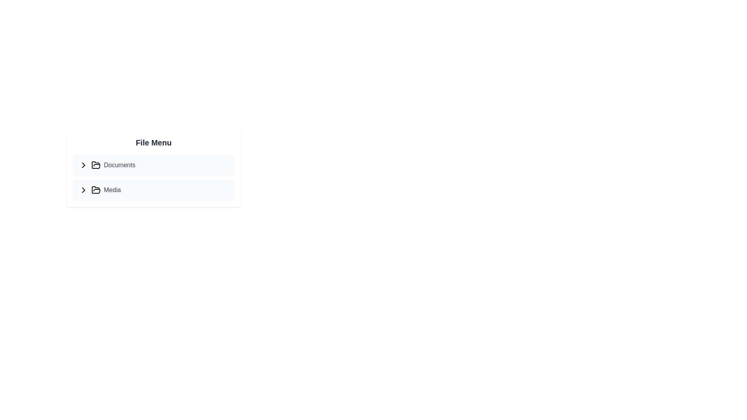 This screenshot has height=420, width=747. Describe the element at coordinates (84, 164) in the screenshot. I see `the expand icon located in the upper option of the vertical menu under the 'Documents' label` at that location.